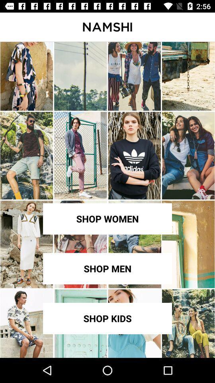 The height and width of the screenshot is (383, 215). What do you see at coordinates (107, 318) in the screenshot?
I see `shop kids item` at bounding box center [107, 318].